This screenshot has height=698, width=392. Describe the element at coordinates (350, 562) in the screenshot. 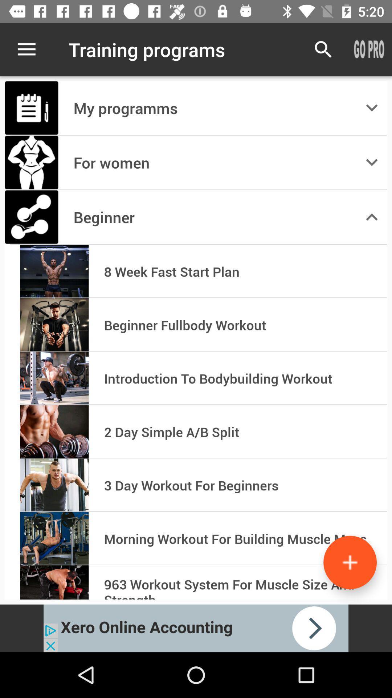

I see `the add icon` at that location.